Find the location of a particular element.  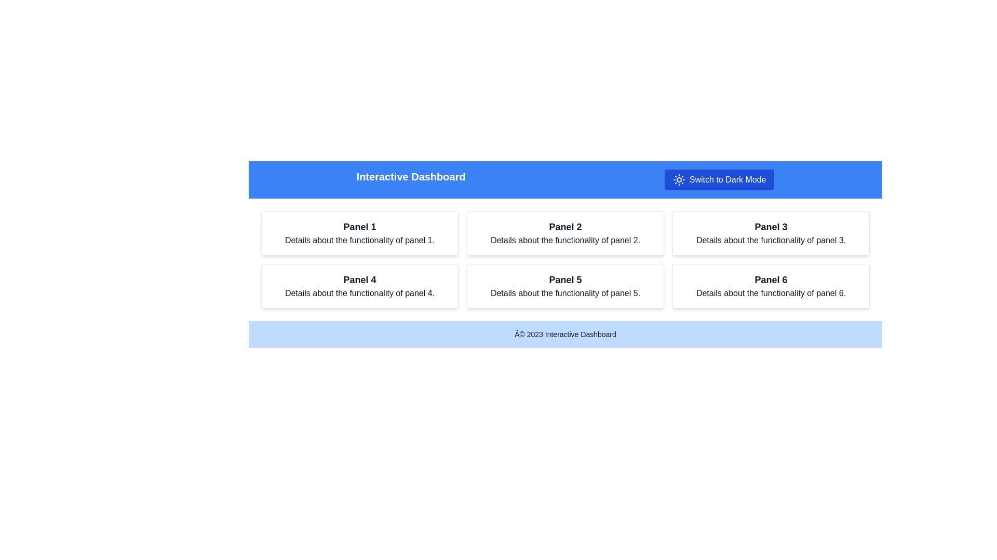

the descriptive text label positioned below the heading 'Panel 4' in the second row of the grid layout is located at coordinates (359, 293).